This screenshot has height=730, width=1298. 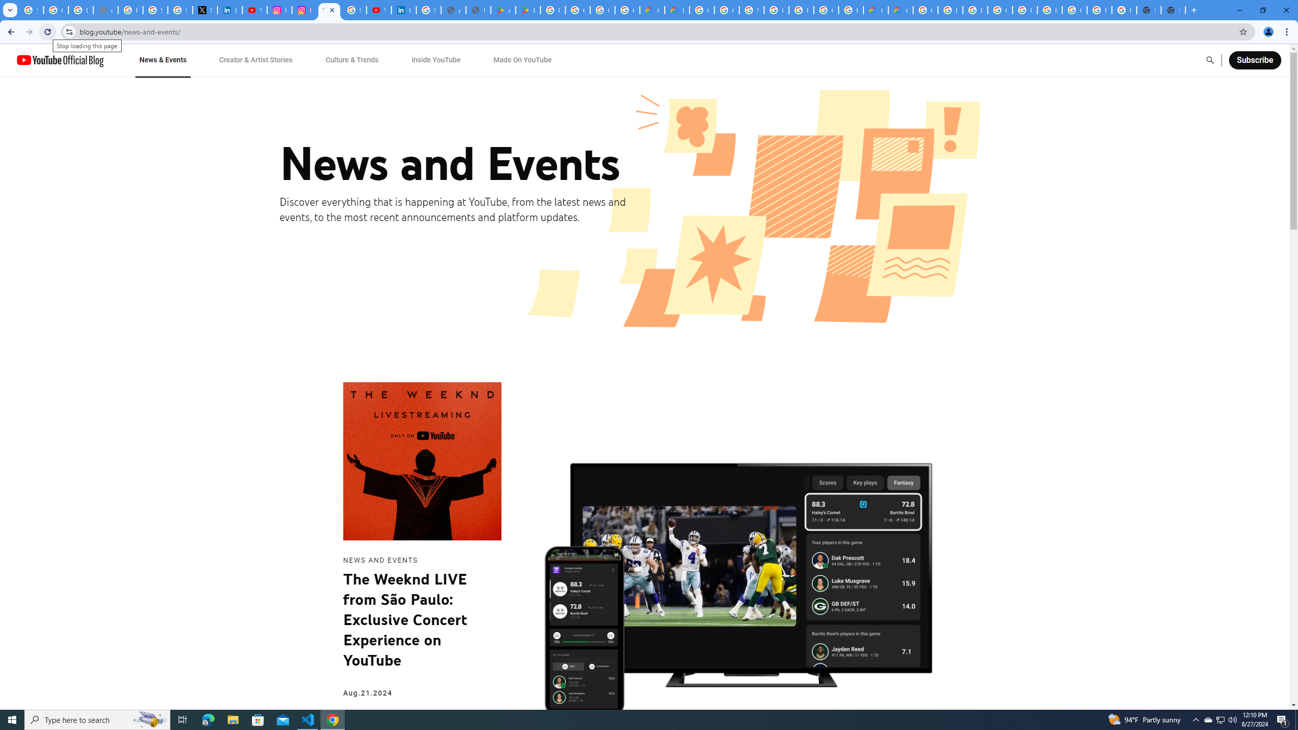 What do you see at coordinates (105, 10) in the screenshot?
I see `'support.google.com - Network error'` at bounding box center [105, 10].